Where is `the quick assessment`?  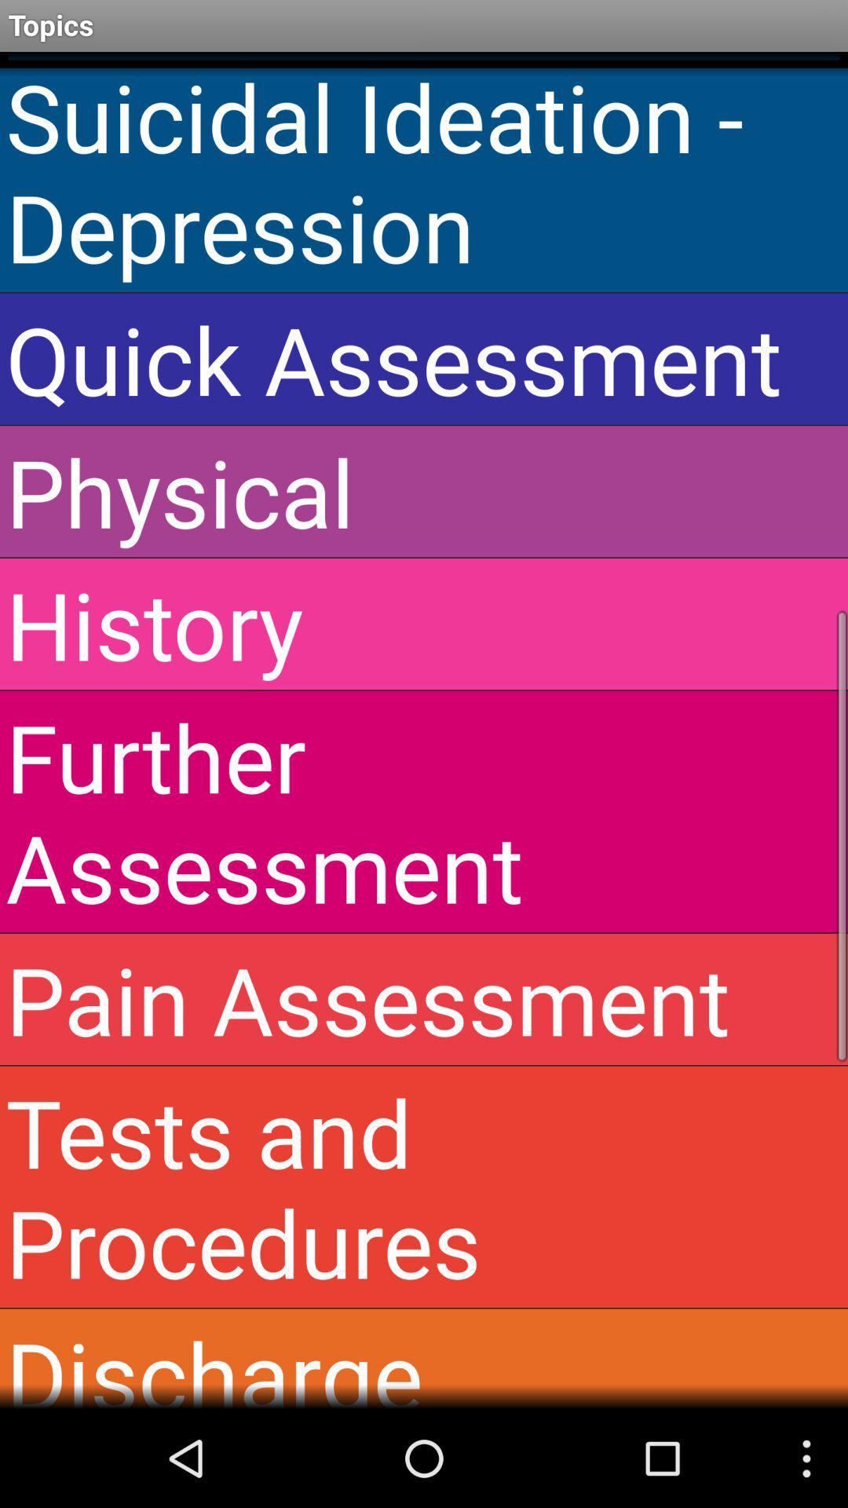
the quick assessment is located at coordinates (424, 358).